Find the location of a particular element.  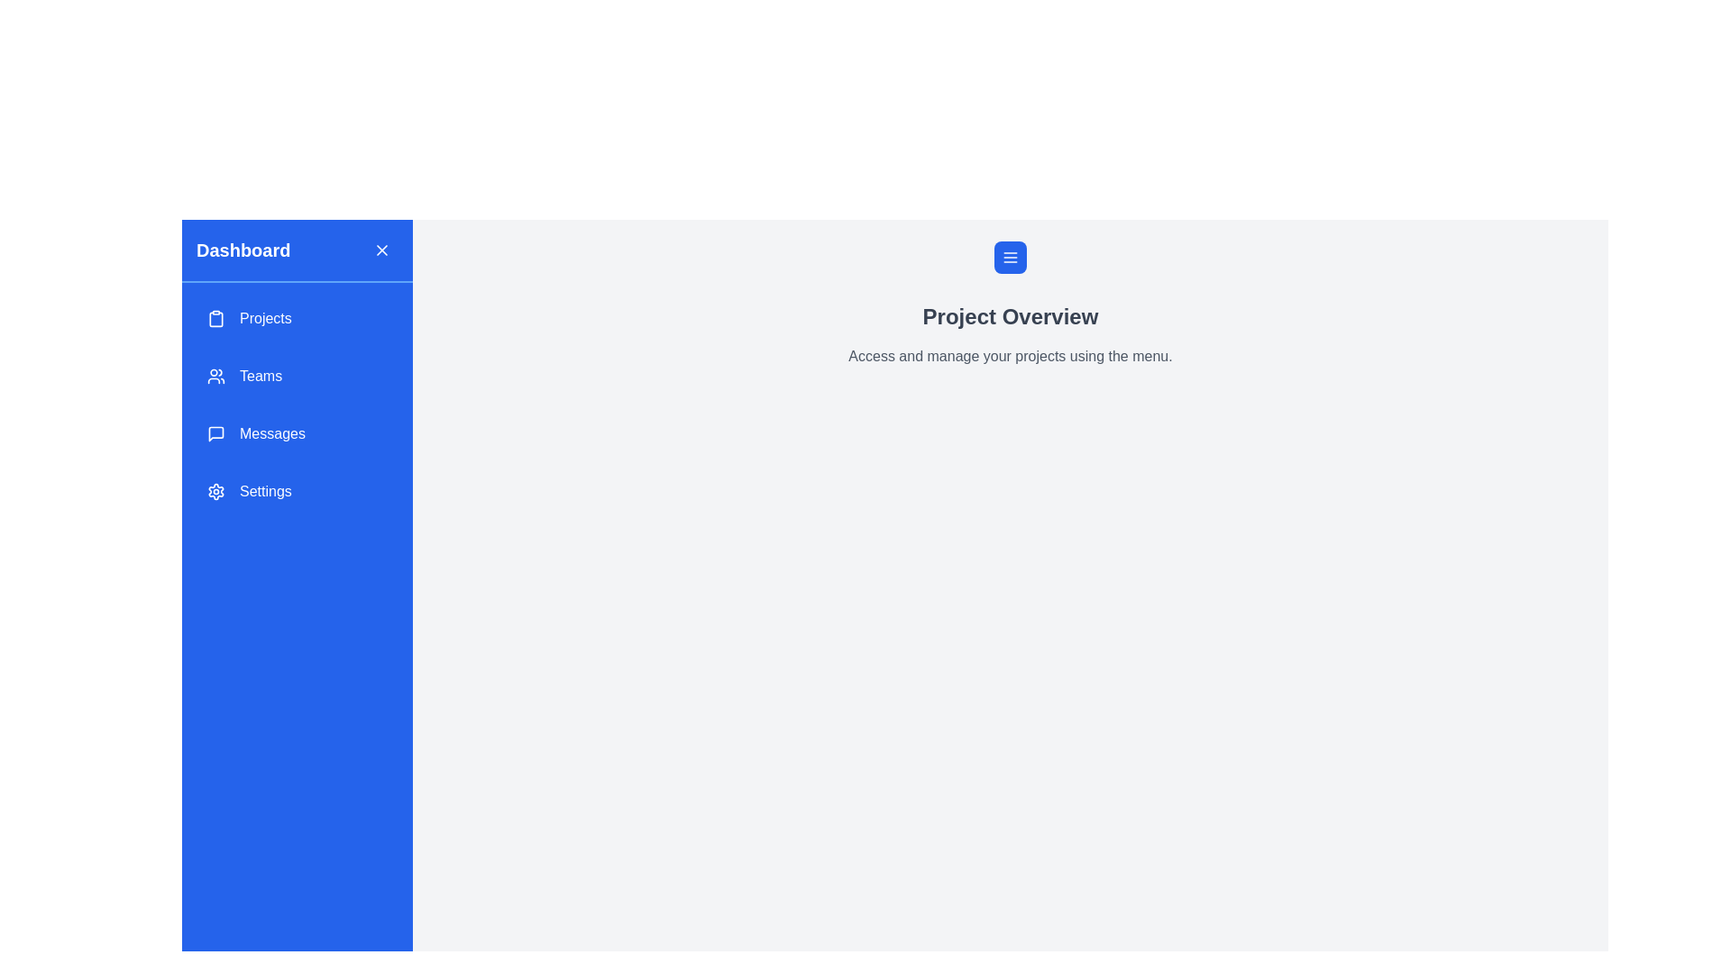

the 'Messages' icon located on the vertical blue sidebar, which is positioned between the 'Teams' and 'Settings' menu items is located at coordinates (216, 434).